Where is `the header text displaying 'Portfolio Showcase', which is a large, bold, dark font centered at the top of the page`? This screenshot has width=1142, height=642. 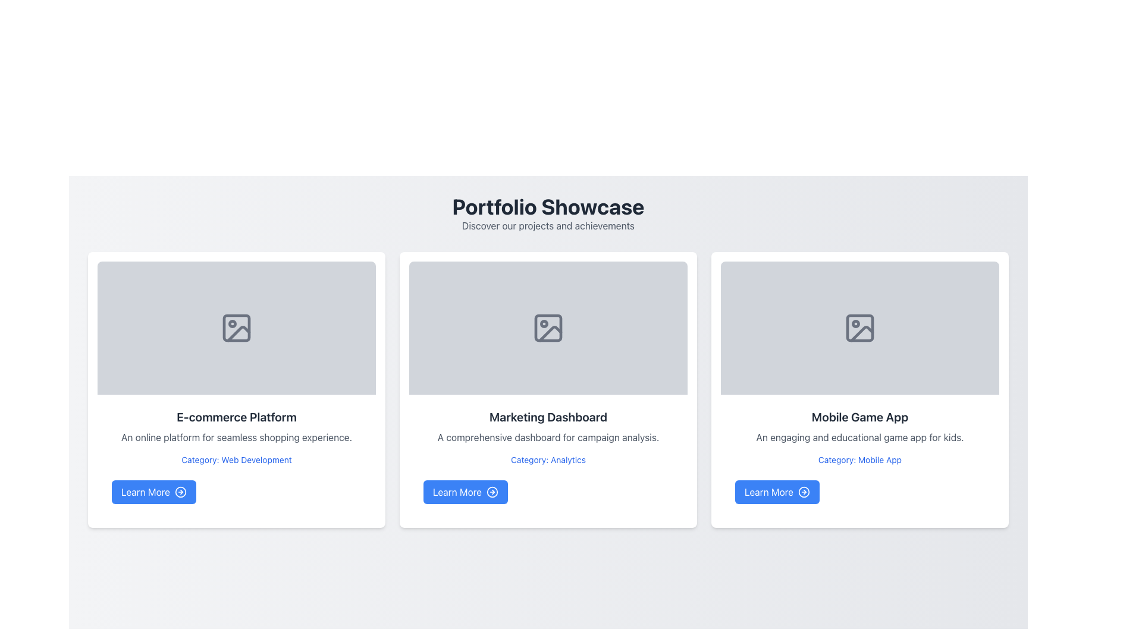
the header text displaying 'Portfolio Showcase', which is a large, bold, dark font centered at the top of the page is located at coordinates (547, 206).